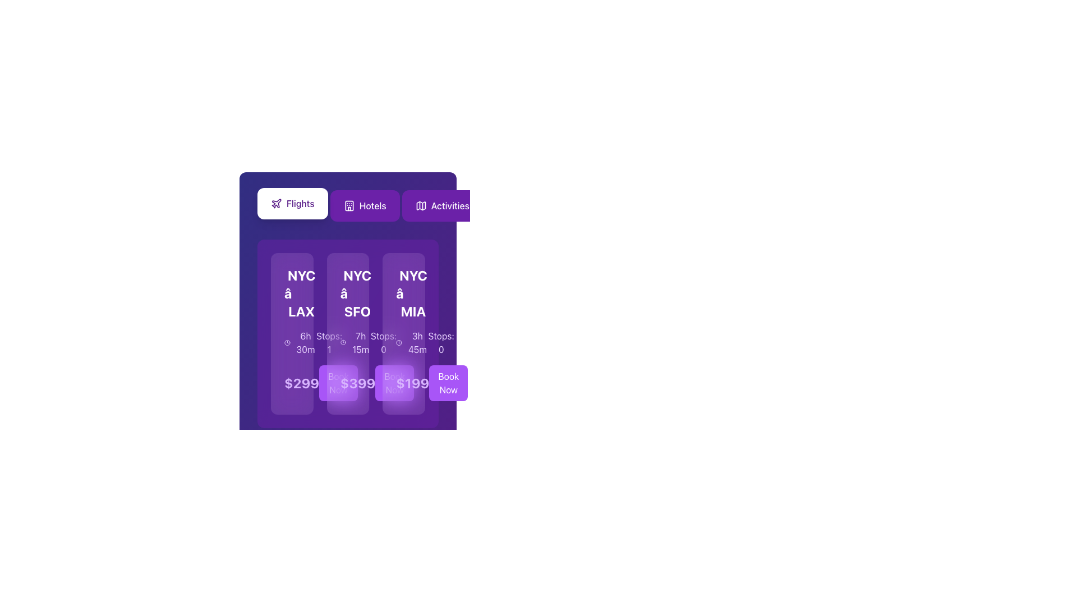 The height and width of the screenshot is (606, 1077). Describe the element at coordinates (338, 382) in the screenshot. I see `the 'Book Now' button with a purple background to enable keyboard interaction` at that location.